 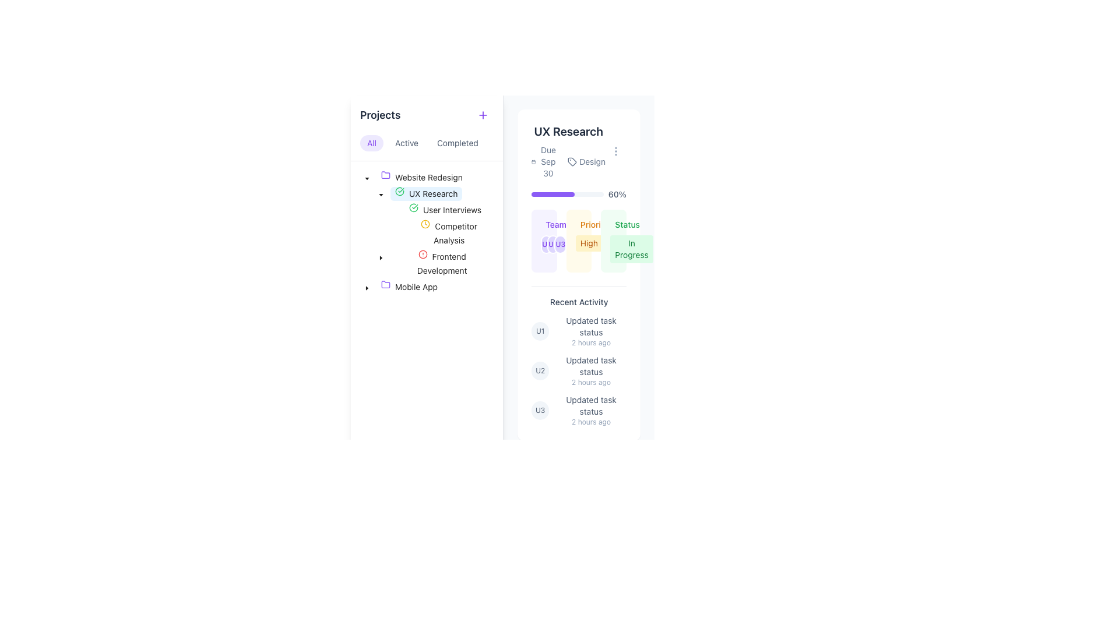 What do you see at coordinates (568, 161) in the screenshot?
I see `the Text information block displaying the due date 'Due Sep 30' and category 'Design' located in the UX Research section, below the title 'UX Research'` at bounding box center [568, 161].